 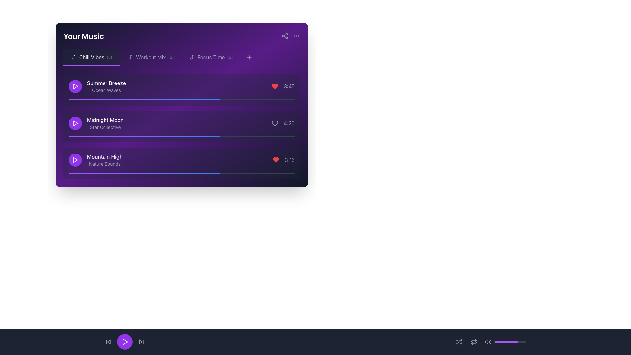 What do you see at coordinates (275, 123) in the screenshot?
I see `the 'like' or 'favorite' icon button located to the left of the text '4:20' in the second row of the vertically stacked list to favorite the item` at bounding box center [275, 123].